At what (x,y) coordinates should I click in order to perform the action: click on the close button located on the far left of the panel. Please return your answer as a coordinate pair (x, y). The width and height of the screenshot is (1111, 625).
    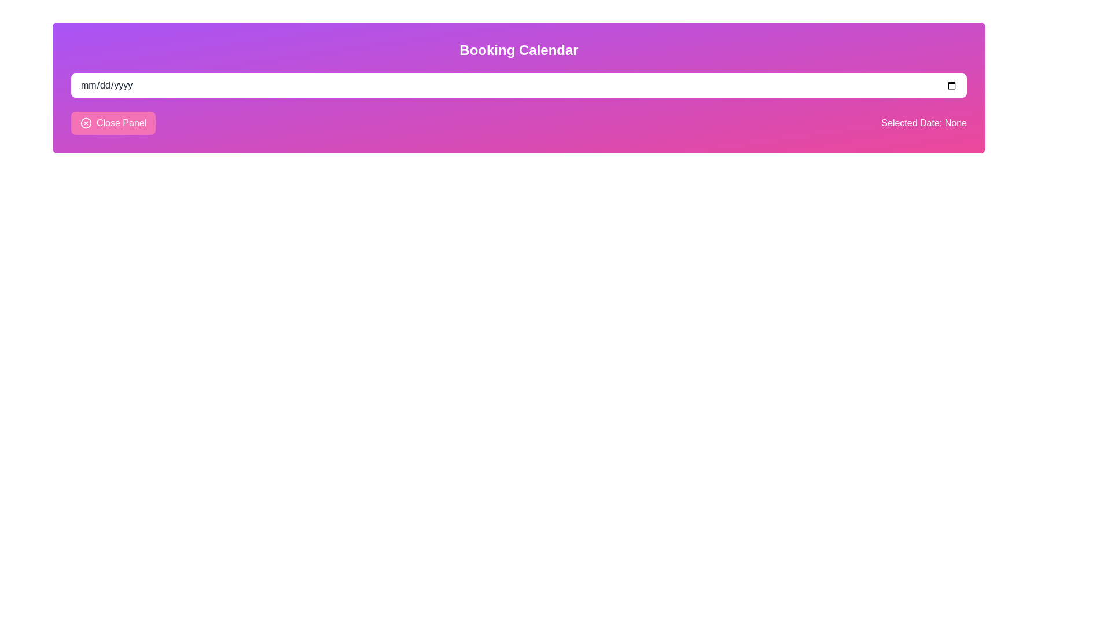
    Looking at the image, I should click on (113, 123).